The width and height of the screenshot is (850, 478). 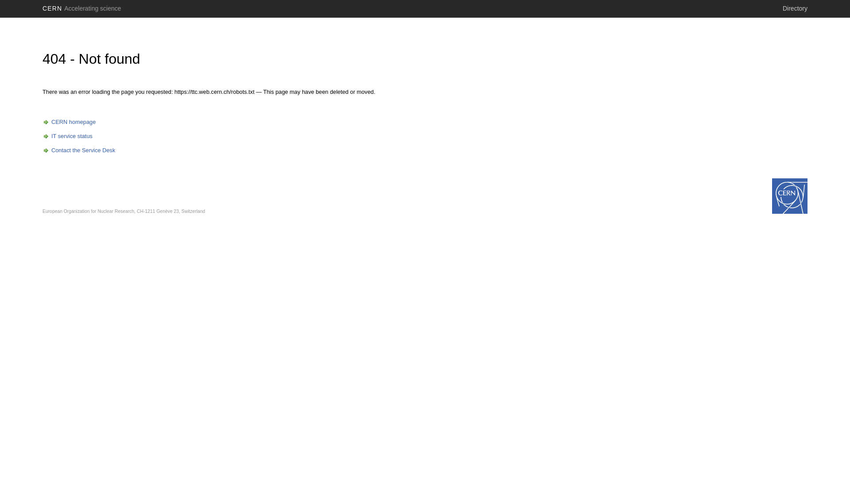 I want to click on 'IT service status', so click(x=67, y=136).